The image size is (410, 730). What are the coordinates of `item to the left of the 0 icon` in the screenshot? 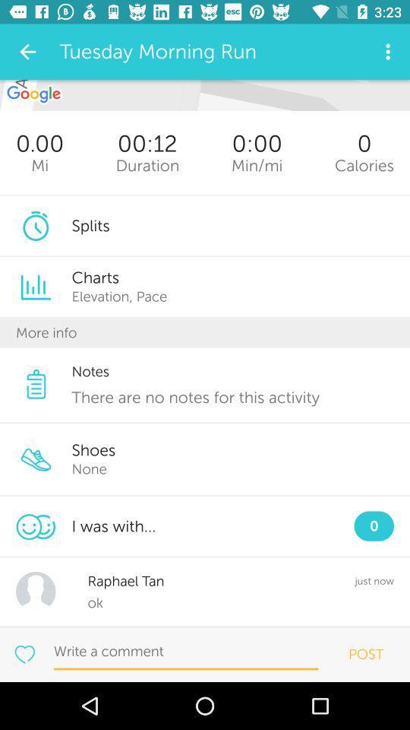 It's located at (256, 165).